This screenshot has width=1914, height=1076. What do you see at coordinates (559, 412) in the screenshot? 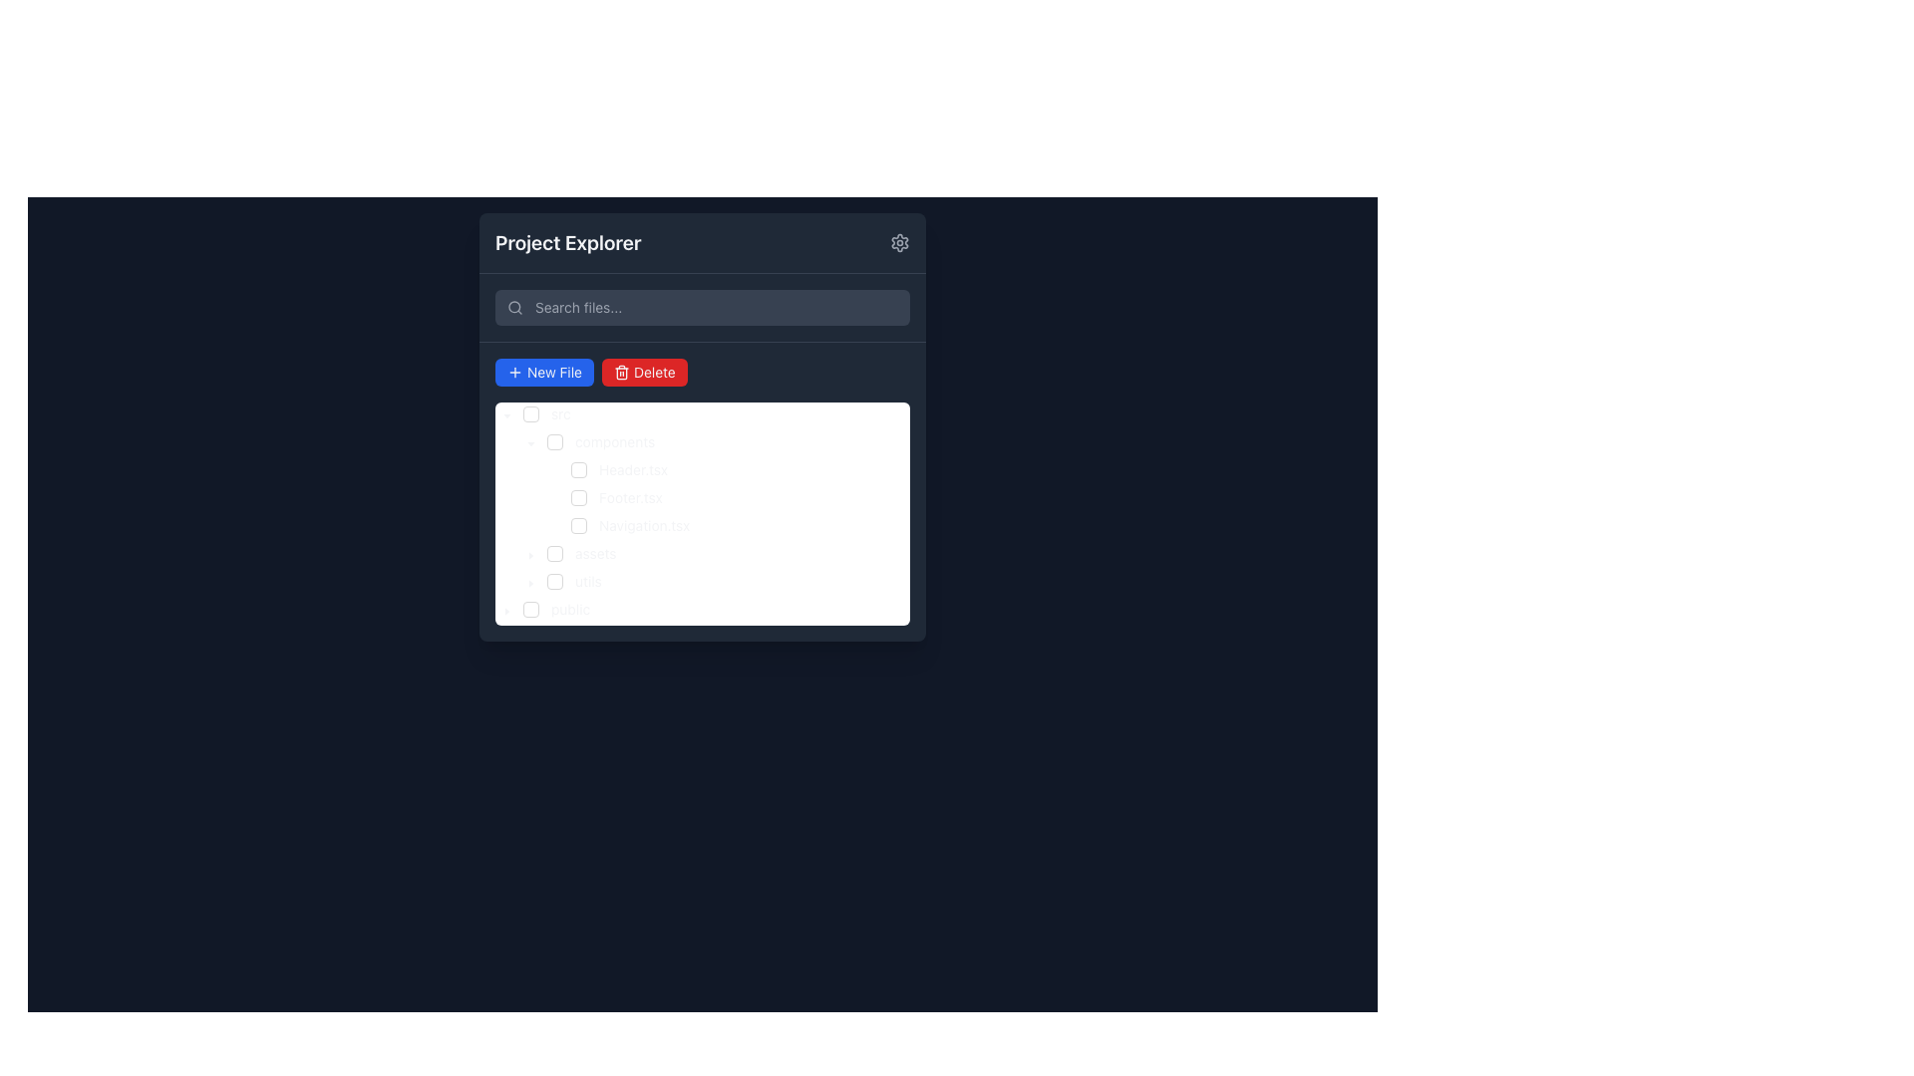
I see `the 'src' text label in the Project Explorer section of the tree view, which is the first item in its section` at bounding box center [559, 412].